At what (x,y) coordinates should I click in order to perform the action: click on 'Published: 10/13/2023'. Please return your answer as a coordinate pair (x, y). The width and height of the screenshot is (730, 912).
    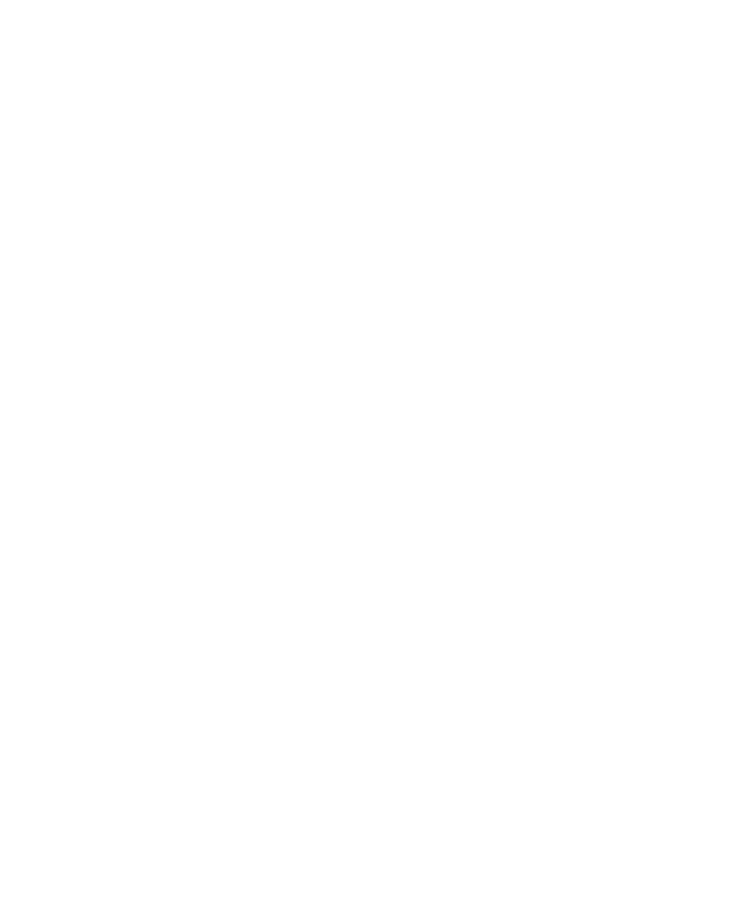
    Looking at the image, I should click on (334, 328).